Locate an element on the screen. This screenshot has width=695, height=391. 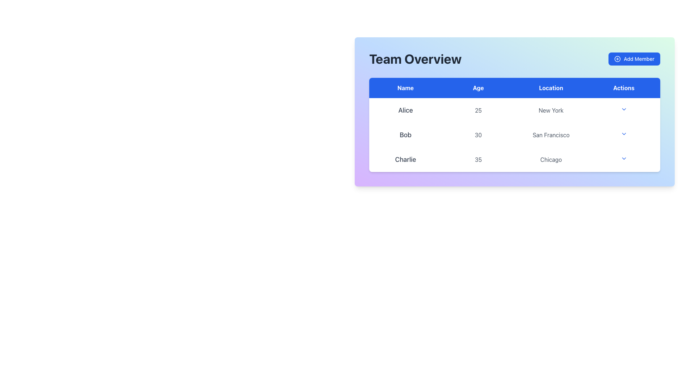
the blue downward-pointing chevron icon button in the 'Actions' column of the second row in the table, adjacent to the 'San Francisco' entry is located at coordinates (623, 134).